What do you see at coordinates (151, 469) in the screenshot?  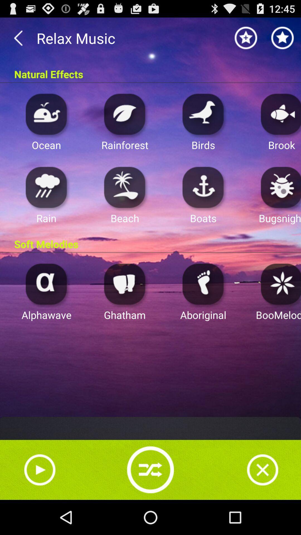 I see `refresh` at bounding box center [151, 469].